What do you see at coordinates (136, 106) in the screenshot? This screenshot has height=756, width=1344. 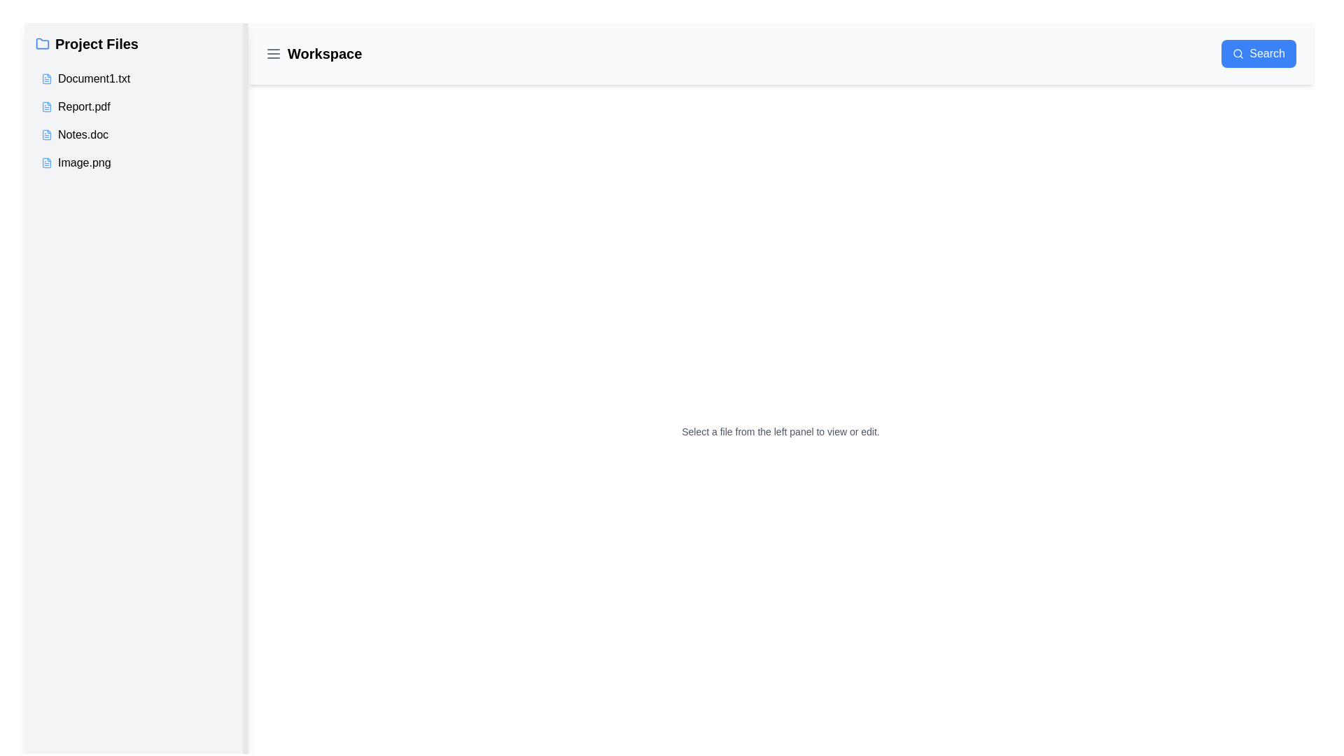 I see `the selectable file item labeled 'Report.pdf' in the left sidebar` at bounding box center [136, 106].